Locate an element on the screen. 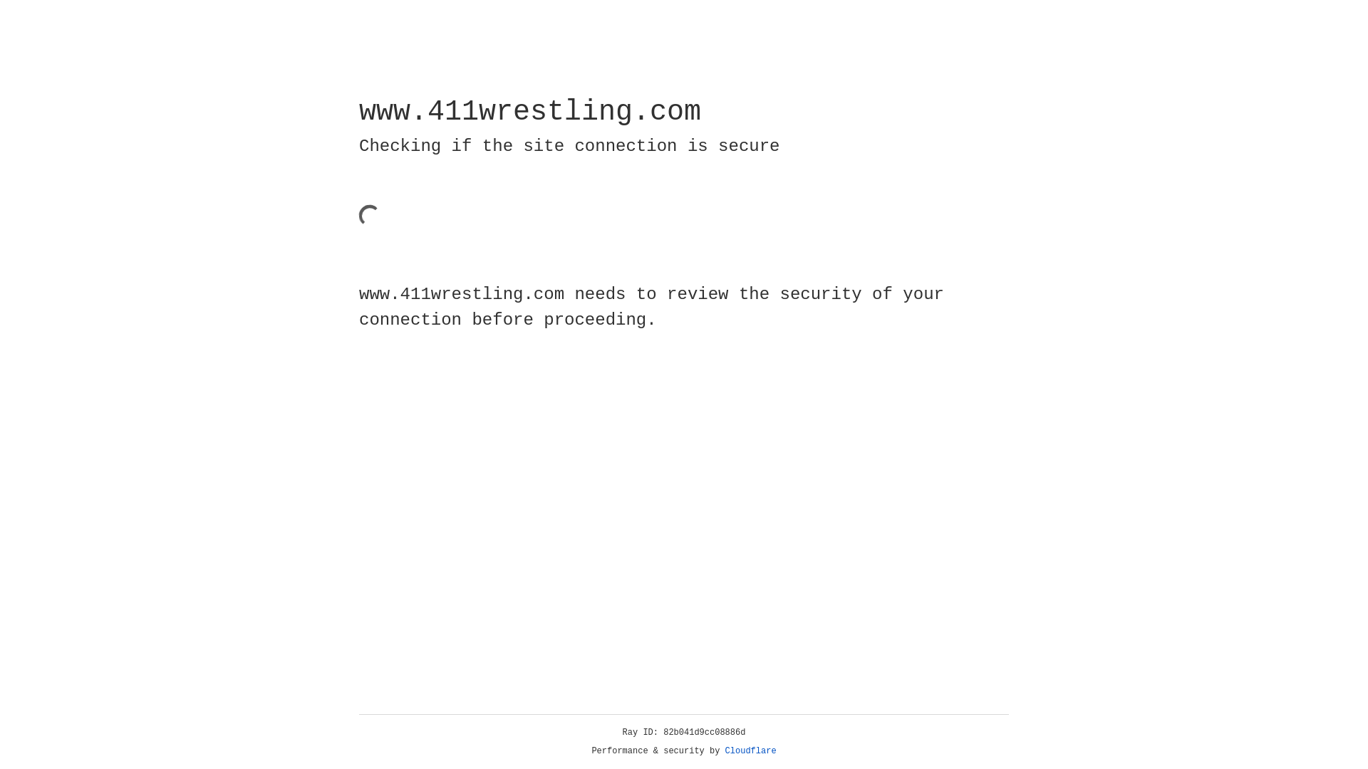  'Cloudflare' is located at coordinates (750, 750).